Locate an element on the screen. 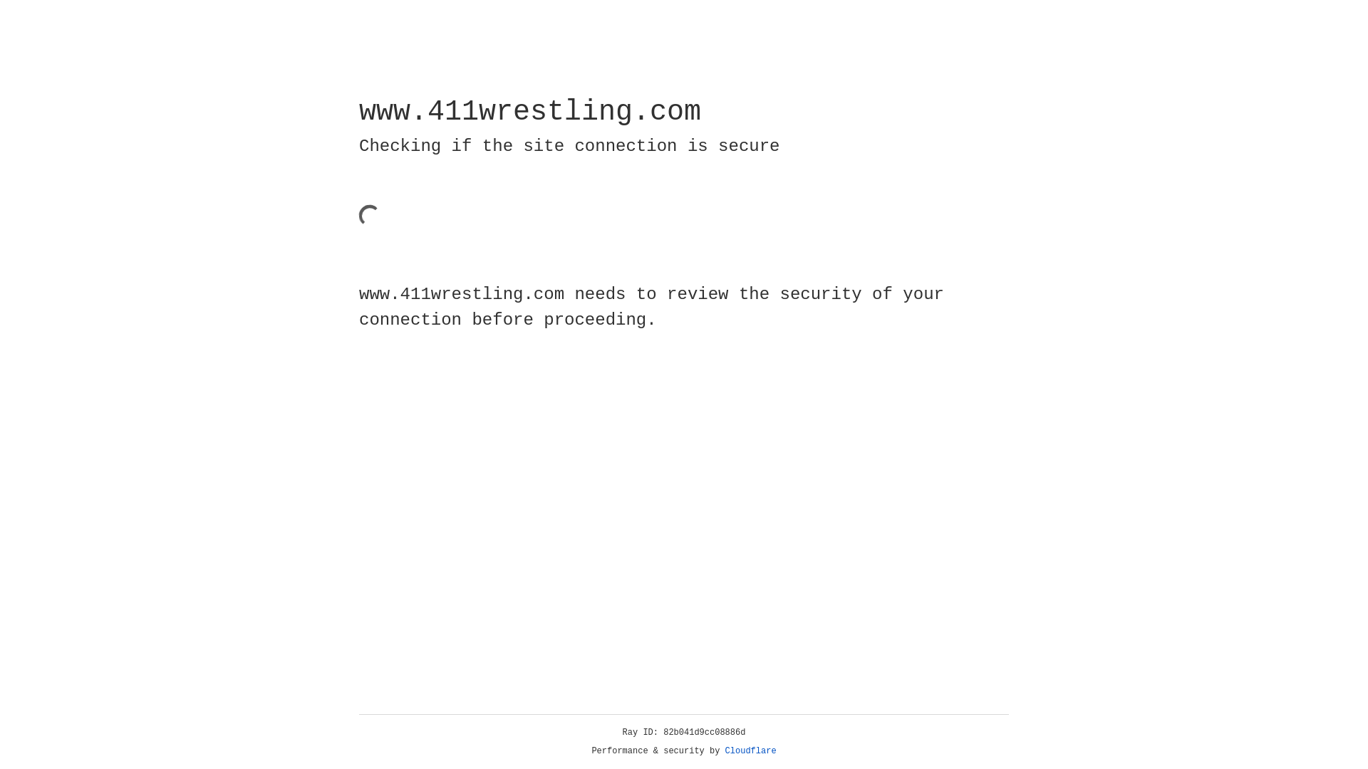  'Cloudflare' is located at coordinates (750, 750).